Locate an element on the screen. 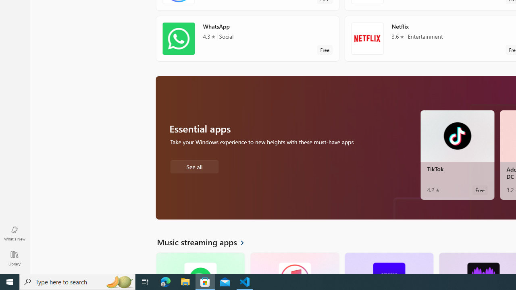  'TikTok. Average rating of 4.2 out of five stars. Free  ' is located at coordinates (457, 155).